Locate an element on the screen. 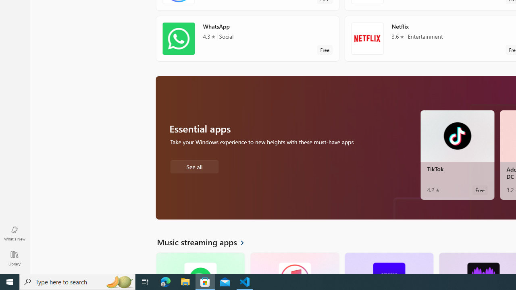  'TikTok. Average rating of 4.2 out of five stars. Free  ' is located at coordinates (457, 155).